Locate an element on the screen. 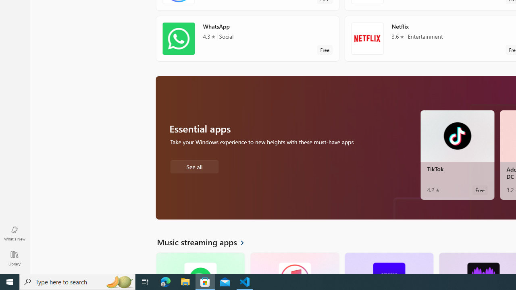  'TikTok. Average rating of 4.2 out of five stars. Free  ' is located at coordinates (457, 155).